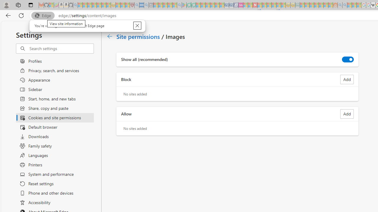 This screenshot has height=212, width=378. What do you see at coordinates (146, 5) in the screenshot?
I see `'utah sues federal government - Search - Sleeping'` at bounding box center [146, 5].